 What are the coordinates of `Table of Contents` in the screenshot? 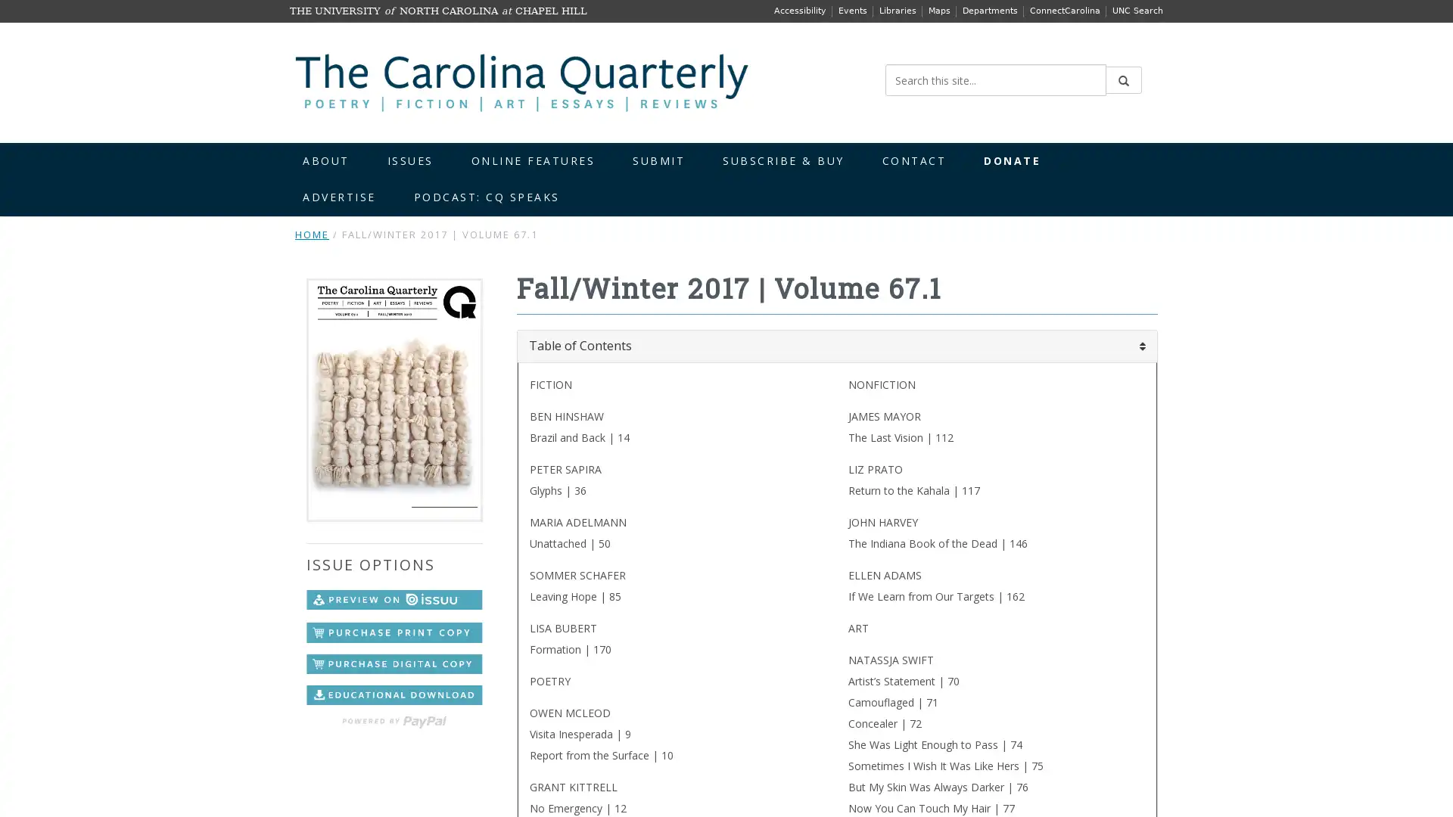 It's located at (835, 346).